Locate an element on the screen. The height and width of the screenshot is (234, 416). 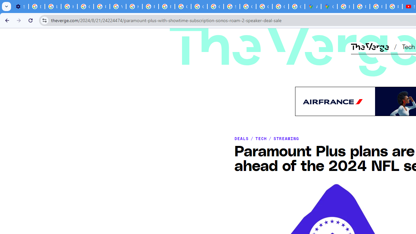
'Privacy Help Center - Policies Help' is located at coordinates (361, 6).